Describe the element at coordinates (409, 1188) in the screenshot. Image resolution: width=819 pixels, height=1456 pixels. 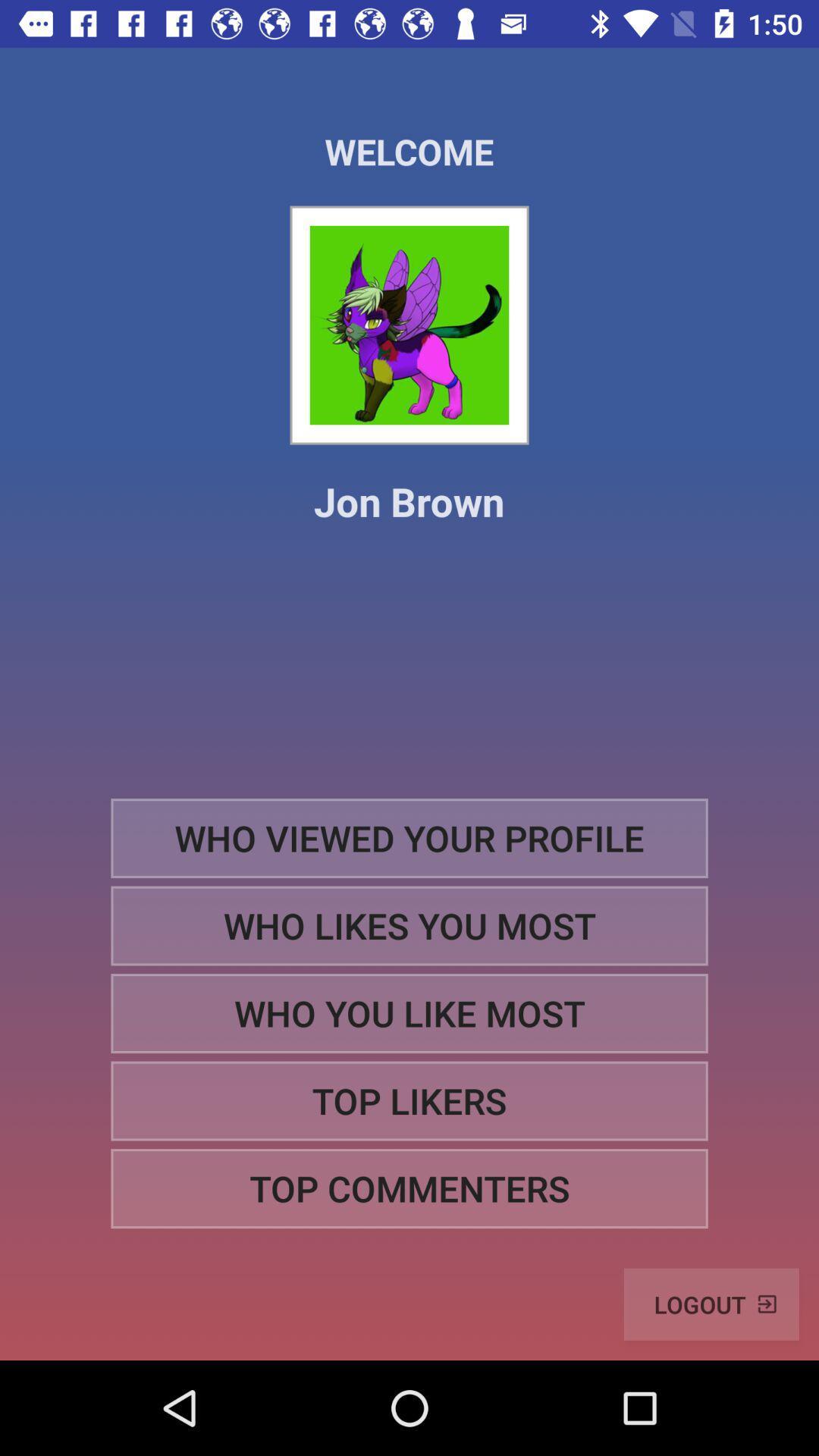
I see `the item below the top likers` at that location.